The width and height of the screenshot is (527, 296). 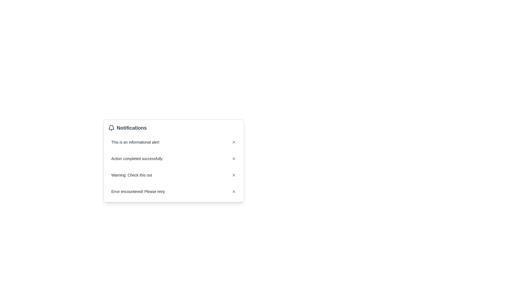 What do you see at coordinates (234, 158) in the screenshot?
I see `the gray close button resembling an 'X'` at bounding box center [234, 158].